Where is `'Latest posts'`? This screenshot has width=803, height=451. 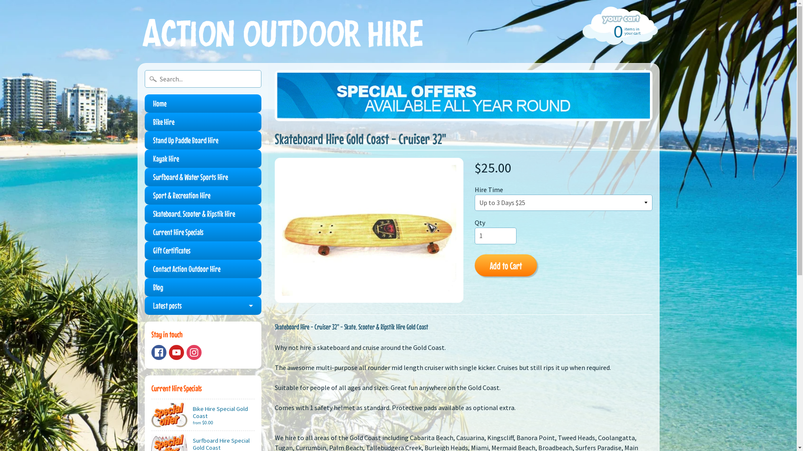 'Latest posts' is located at coordinates (203, 306).